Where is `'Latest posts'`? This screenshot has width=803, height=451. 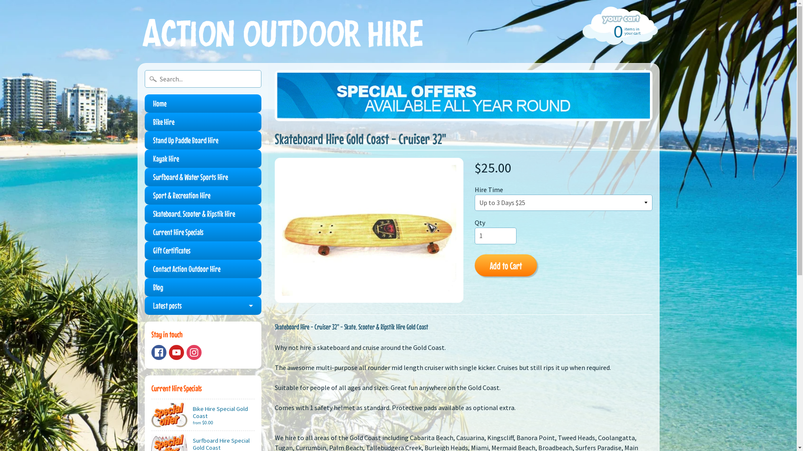 'Latest posts' is located at coordinates (203, 306).